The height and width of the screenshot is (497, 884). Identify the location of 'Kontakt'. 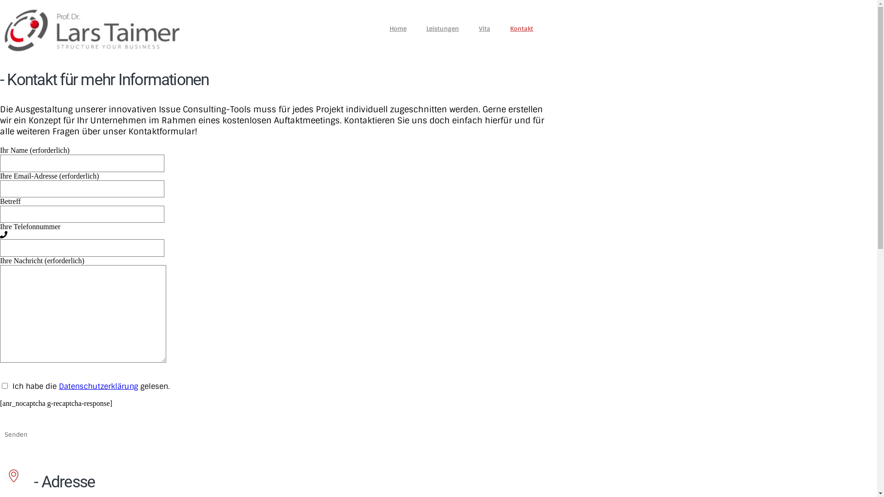
(521, 27).